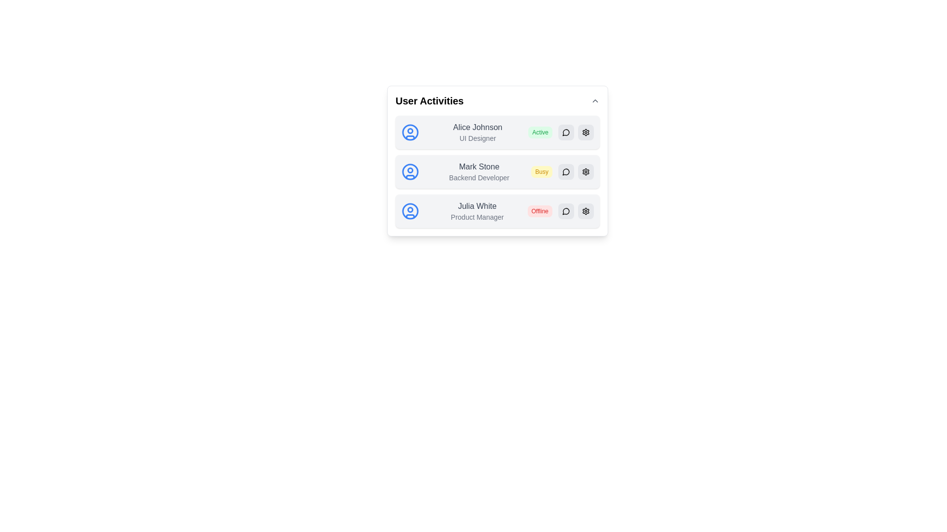 This screenshot has height=532, width=947. Describe the element at coordinates (566, 171) in the screenshot. I see `the button with a rounded square shape and a black speech bubble icon, located in the middle row of the user activity list` at that location.